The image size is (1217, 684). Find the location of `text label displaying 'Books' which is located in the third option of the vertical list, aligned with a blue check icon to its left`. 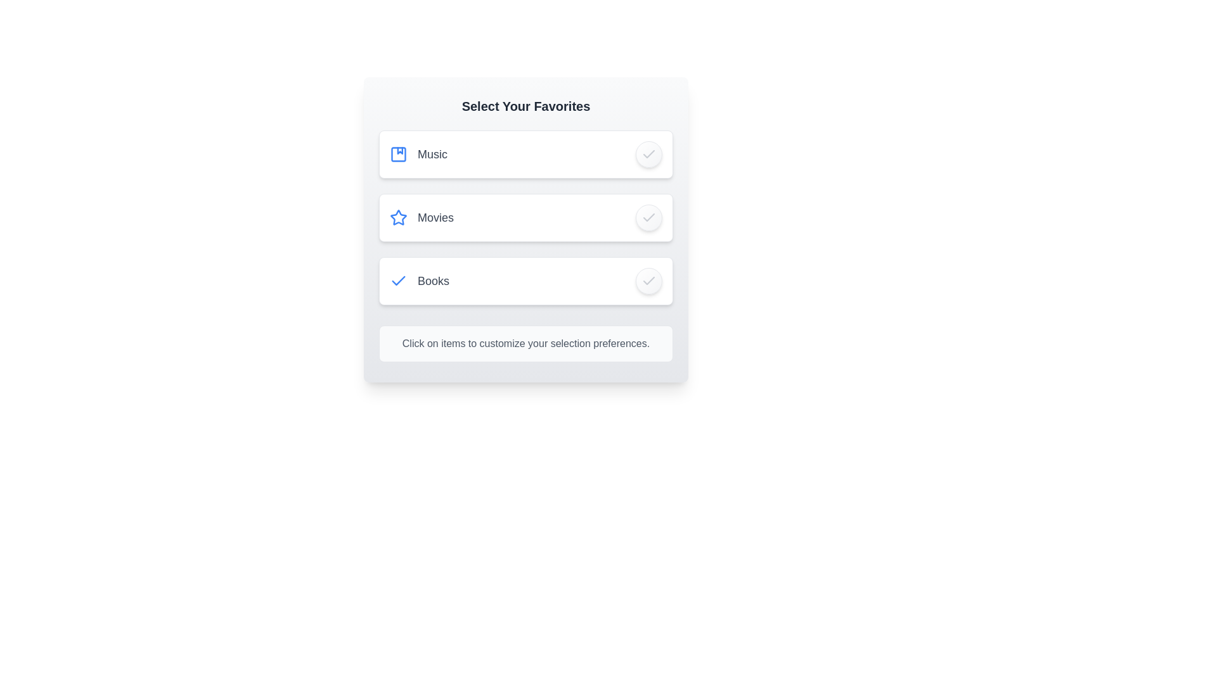

text label displaying 'Books' which is located in the third option of the vertical list, aligned with a blue check icon to its left is located at coordinates (434, 280).